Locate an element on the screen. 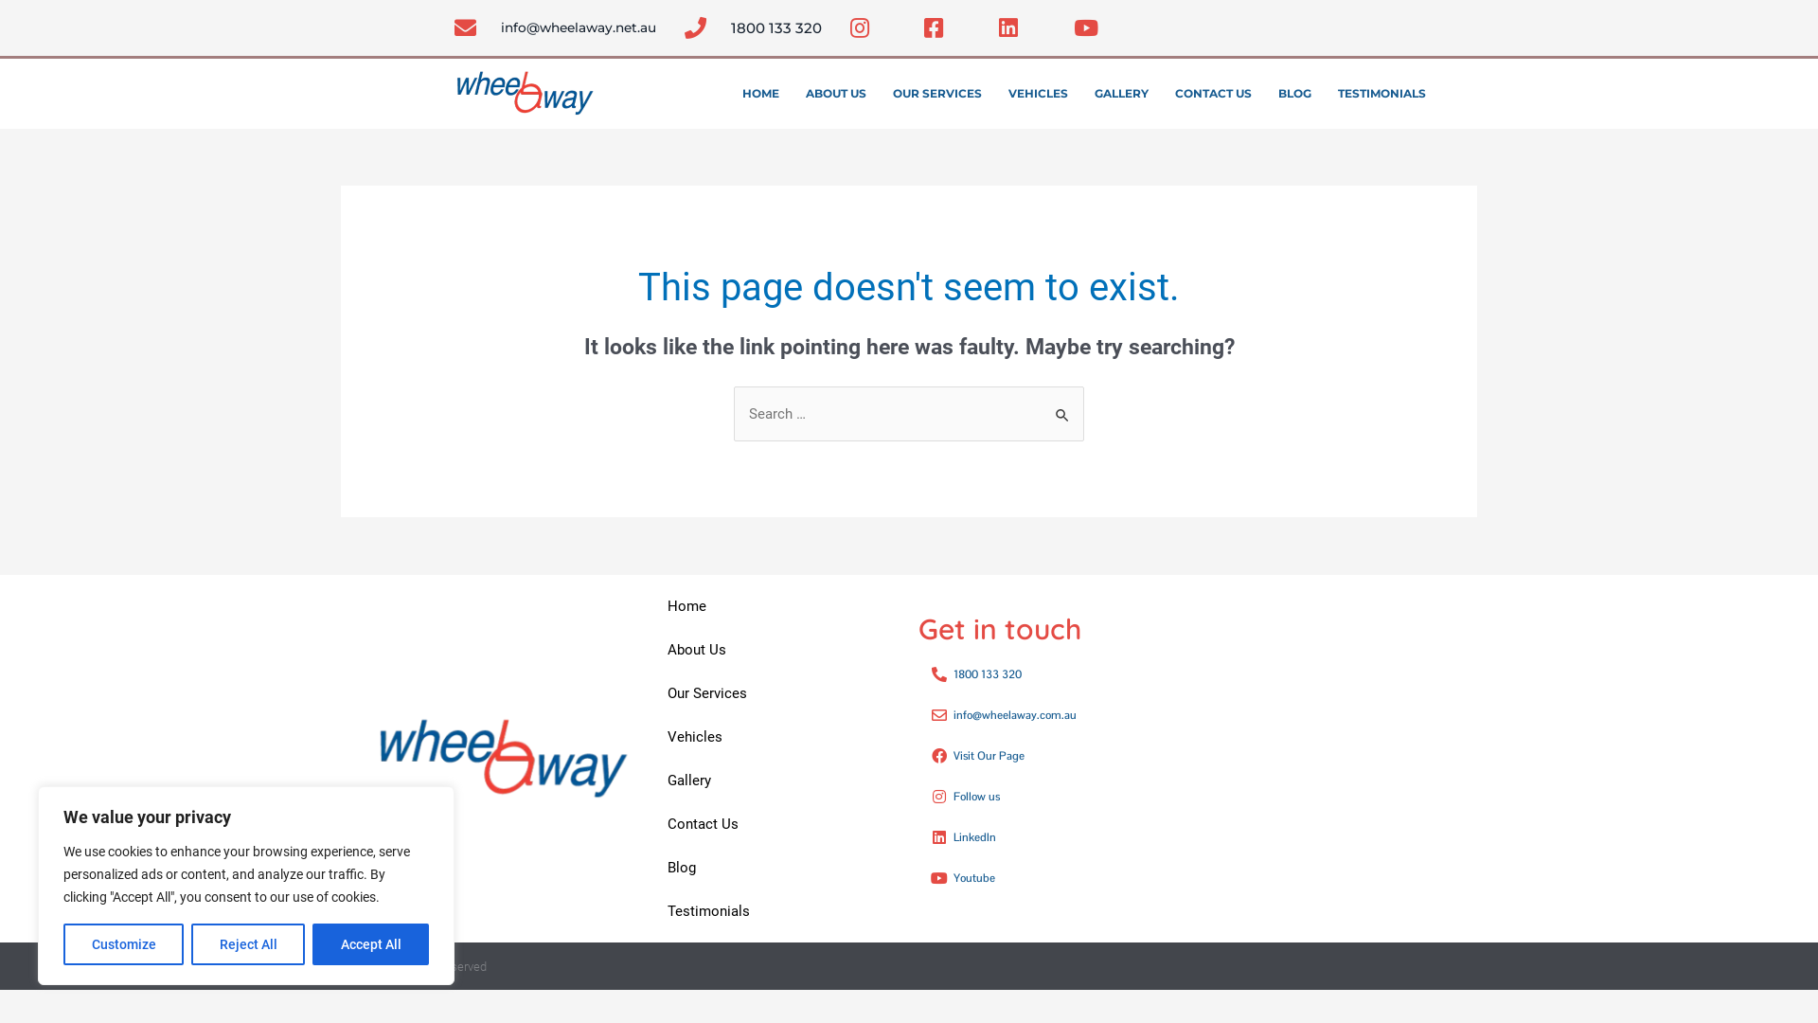 The height and width of the screenshot is (1023, 1818). 'Twitter' is located at coordinates (1247, 966).